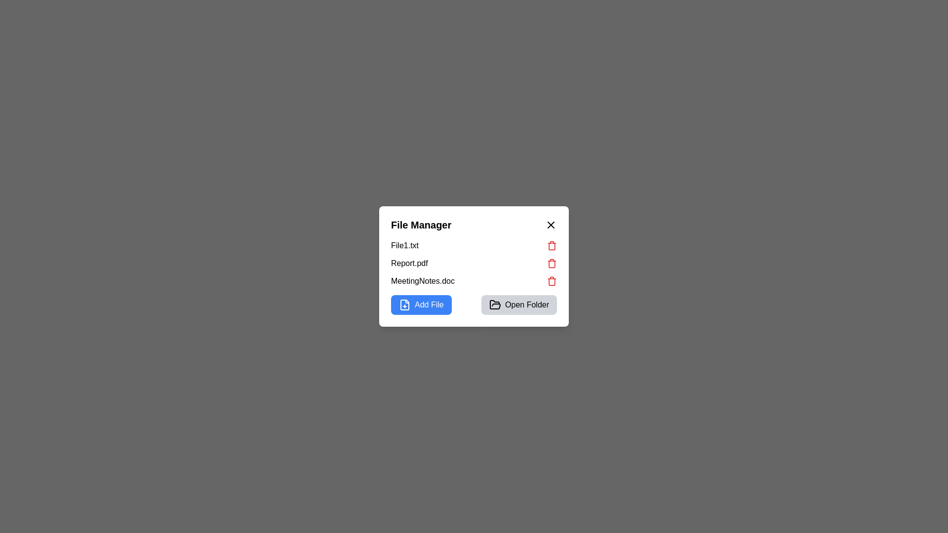 The image size is (948, 533). I want to click on the icon located to the left of the 'Open Folder' button in the bottom right section of the modal window, so click(495, 304).